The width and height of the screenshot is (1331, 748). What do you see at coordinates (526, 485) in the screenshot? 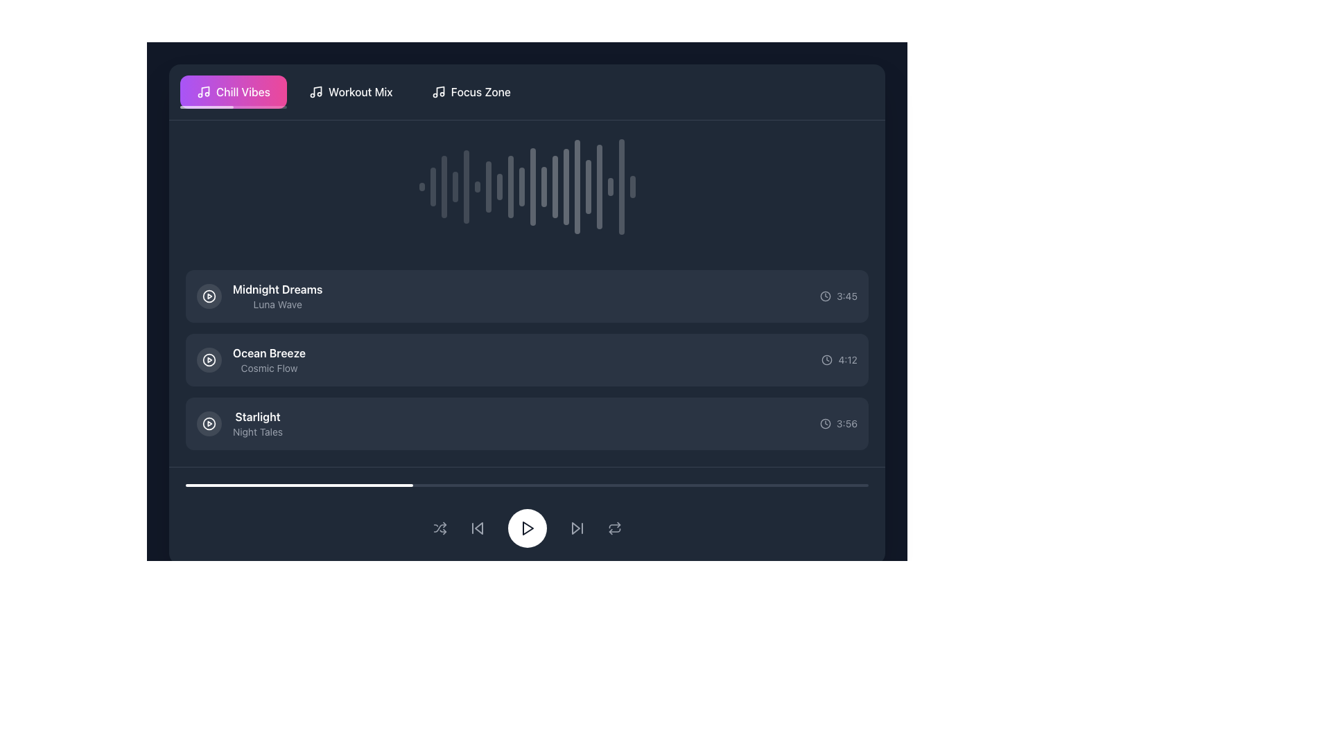
I see `the Progress Bar located near the bottom of the interface to seek to a different position in the playback` at bounding box center [526, 485].